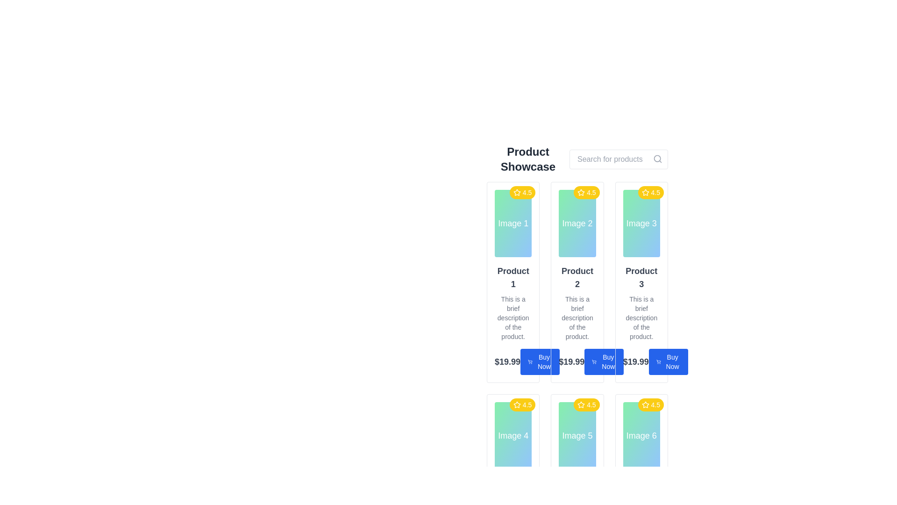  What do you see at coordinates (641, 277) in the screenshot?
I see `text label displaying 'Product 3' in bold gray font located below the 'Image 3' section in the product showcase grid` at bounding box center [641, 277].